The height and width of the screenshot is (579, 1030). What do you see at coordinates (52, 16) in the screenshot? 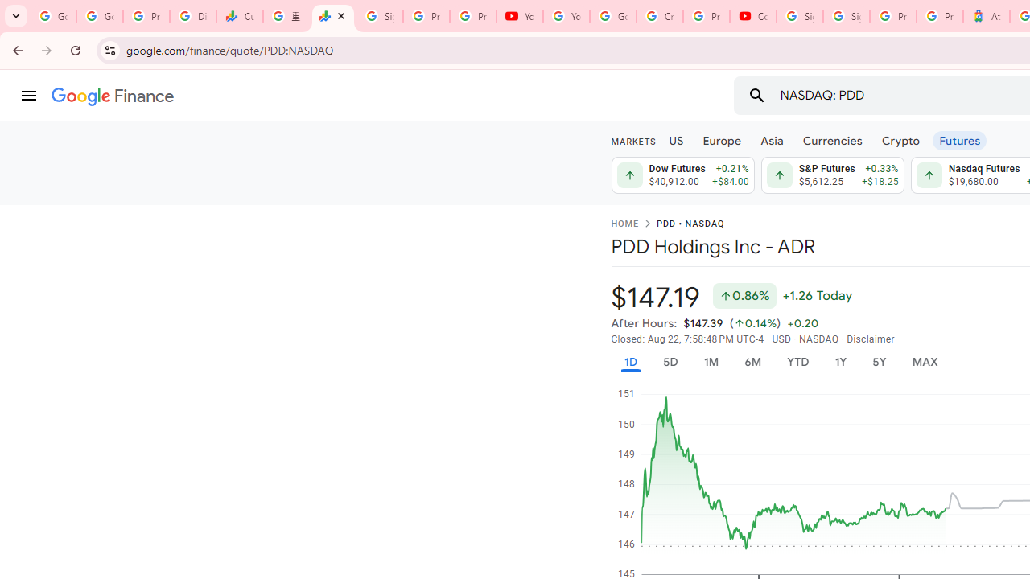
I see `'Google Workspace Admin Community'` at bounding box center [52, 16].